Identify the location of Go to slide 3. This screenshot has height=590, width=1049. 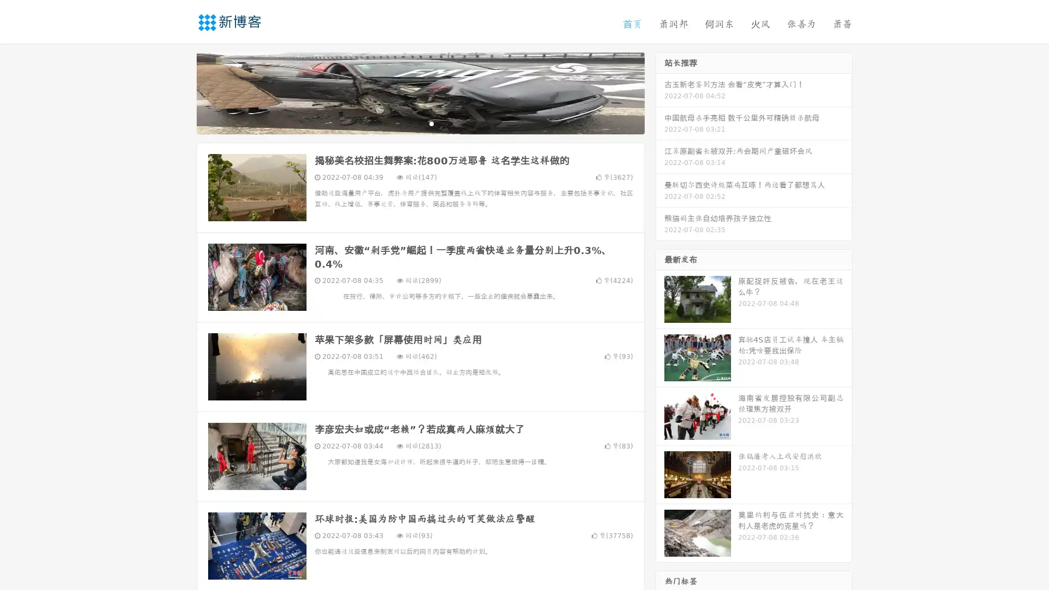
(431, 123).